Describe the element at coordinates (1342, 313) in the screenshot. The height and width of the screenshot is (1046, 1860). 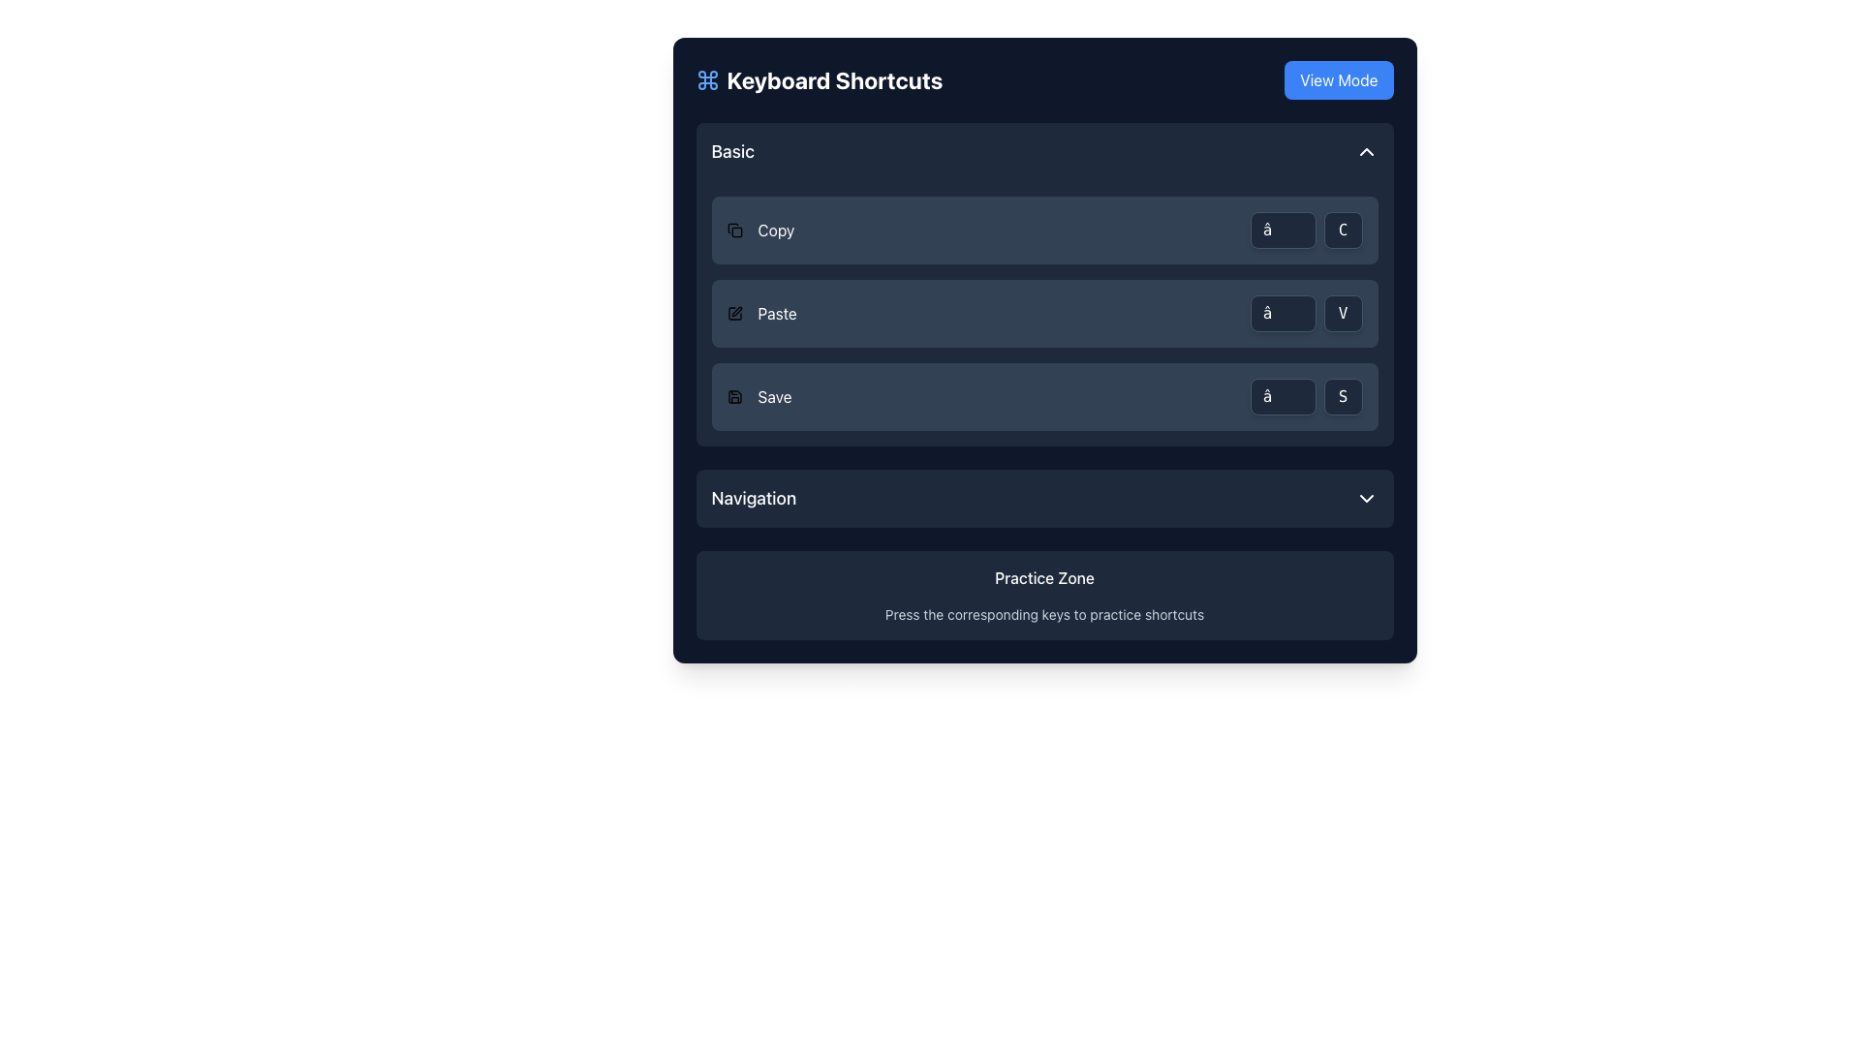
I see `the button representing the 'V' key on the keyboard, which is located to the right of the '⌘' button within the keyboard shortcuts list under the 'Paste' action` at that location.